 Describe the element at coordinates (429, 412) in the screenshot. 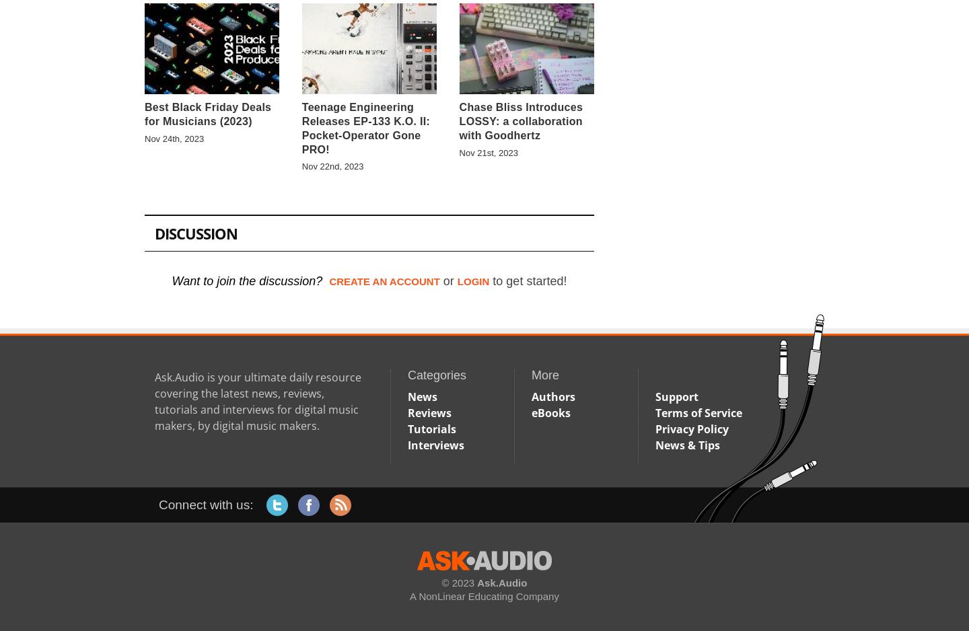

I see `'Reviews'` at that location.